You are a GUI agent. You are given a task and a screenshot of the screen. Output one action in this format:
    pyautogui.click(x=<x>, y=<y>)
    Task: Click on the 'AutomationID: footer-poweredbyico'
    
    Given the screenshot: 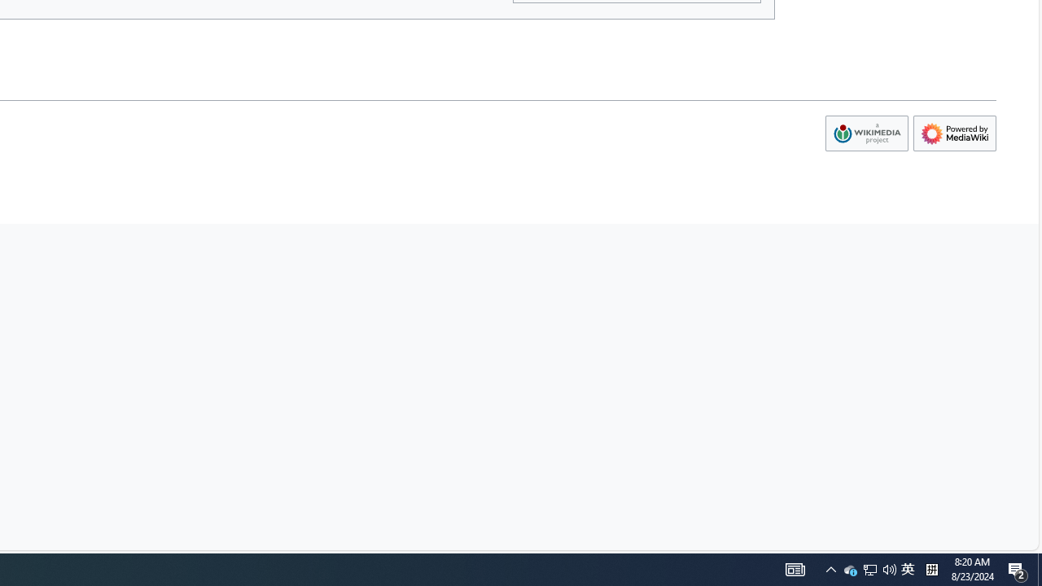 What is the action you would take?
    pyautogui.click(x=955, y=133)
    